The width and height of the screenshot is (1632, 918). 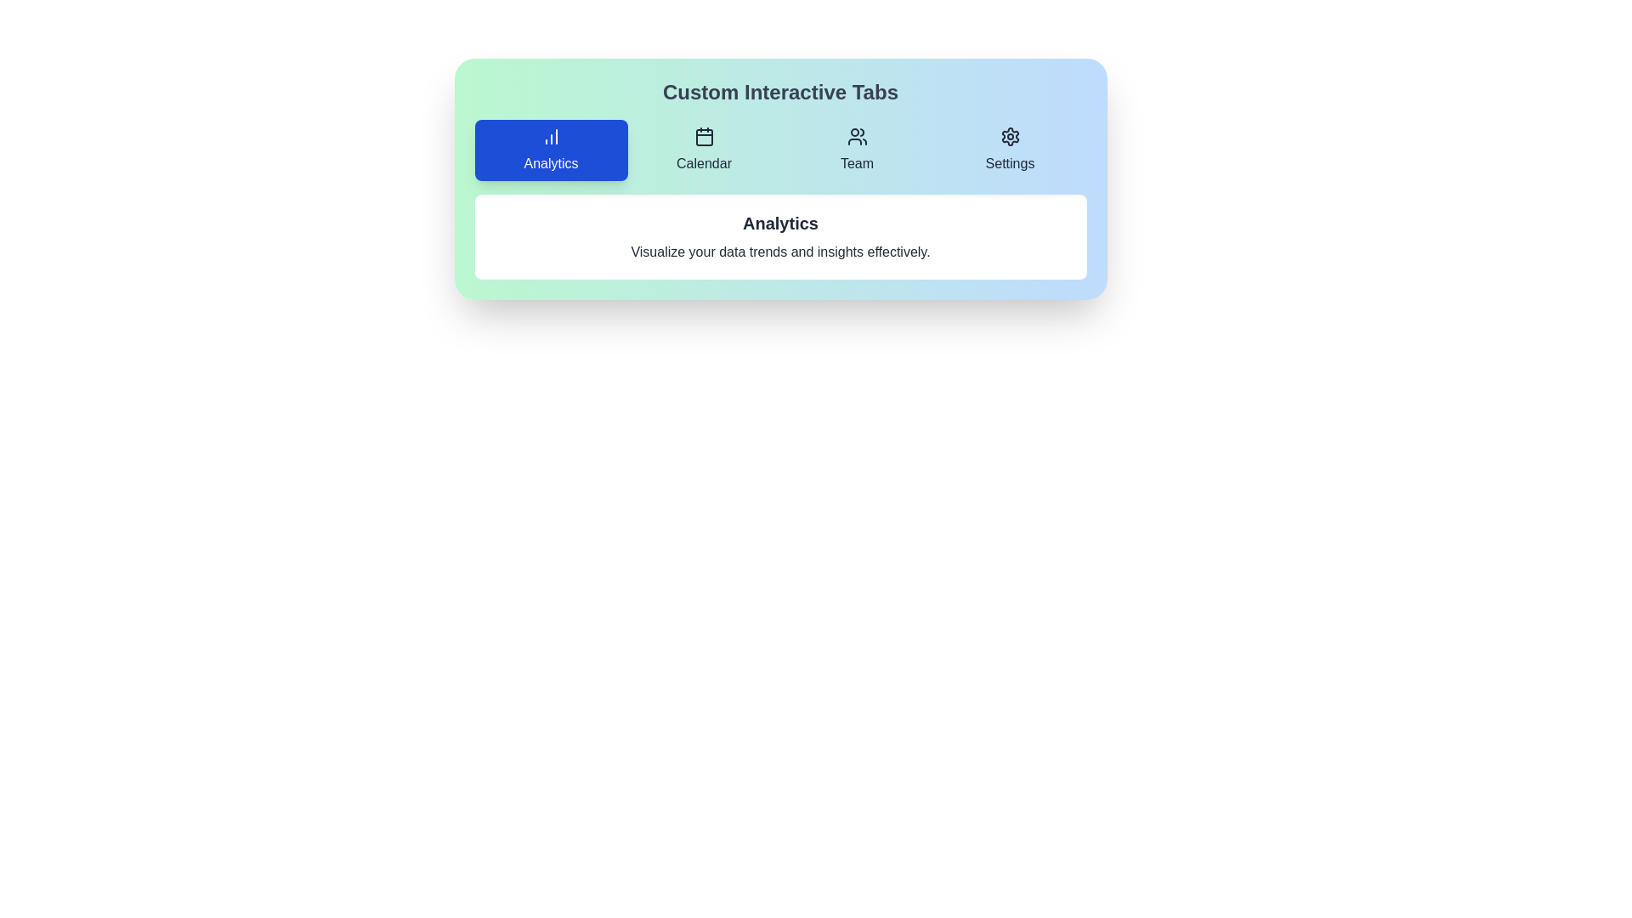 What do you see at coordinates (1010, 150) in the screenshot?
I see `the navigational button located at the far right of the row containing four buttons, which is the fourth button from the left` at bounding box center [1010, 150].